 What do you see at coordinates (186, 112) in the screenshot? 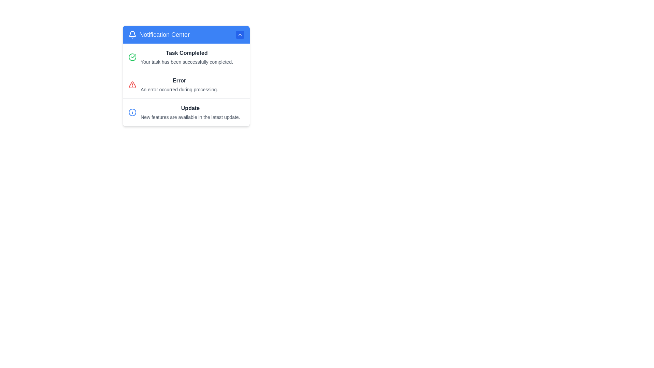
I see `the notification element indicating an update is available, which features a blue circle with an 'i' symbol, a bold title 'Update', and a description about new features` at bounding box center [186, 112].